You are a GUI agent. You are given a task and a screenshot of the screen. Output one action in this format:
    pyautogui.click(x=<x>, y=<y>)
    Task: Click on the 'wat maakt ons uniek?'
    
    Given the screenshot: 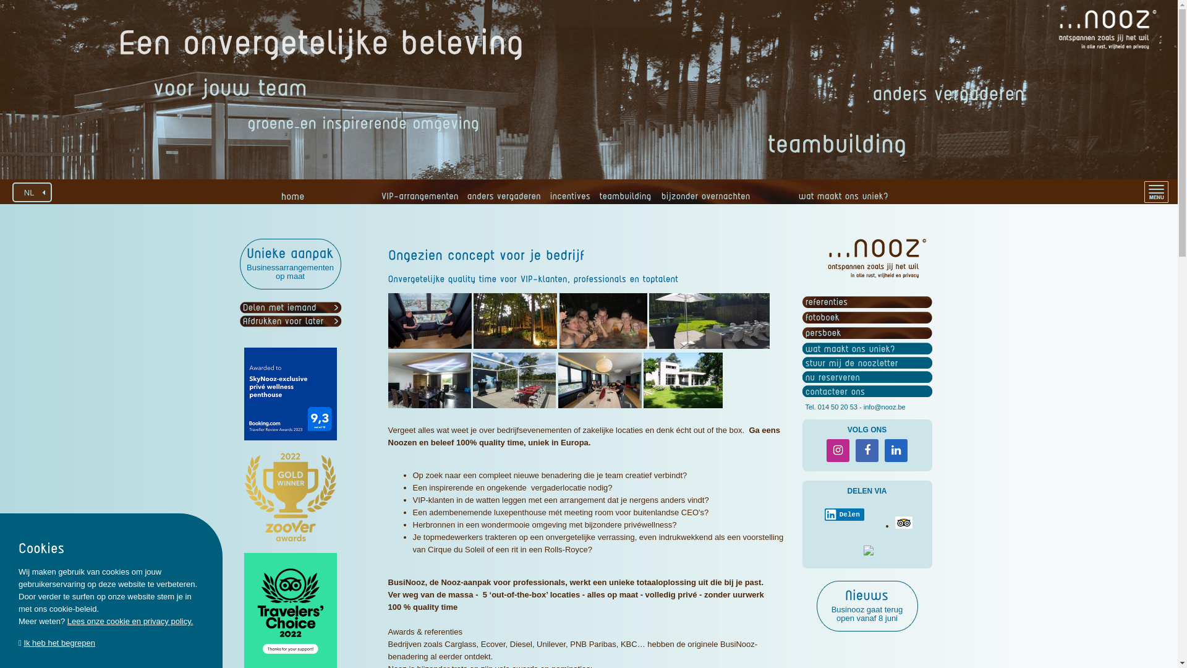 What is the action you would take?
    pyautogui.click(x=841, y=199)
    